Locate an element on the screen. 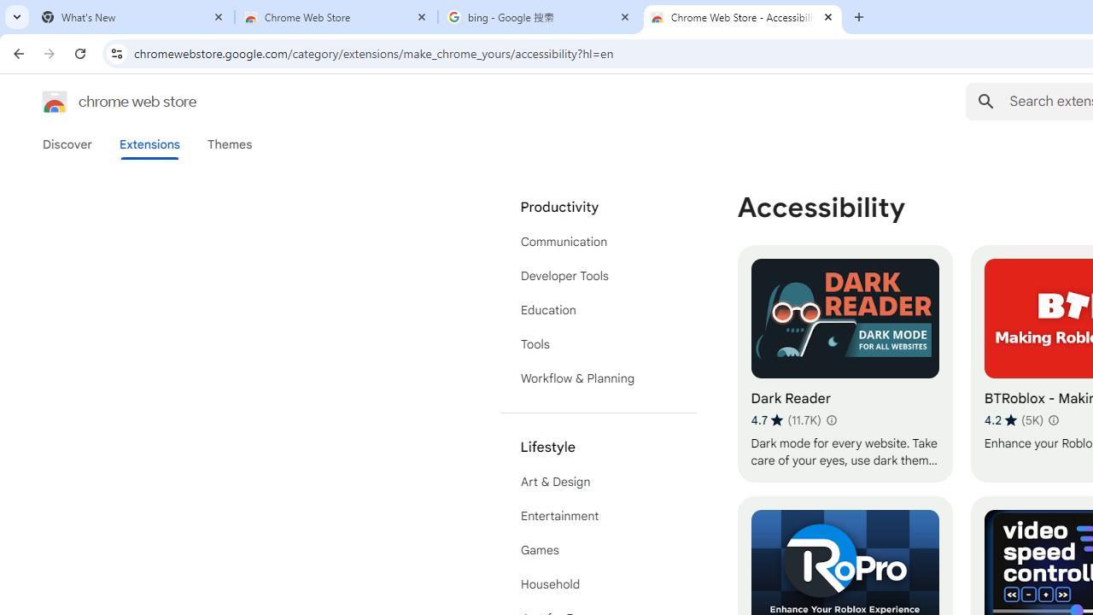  'Chrome Web Store logo' is located at coordinates (55, 102).